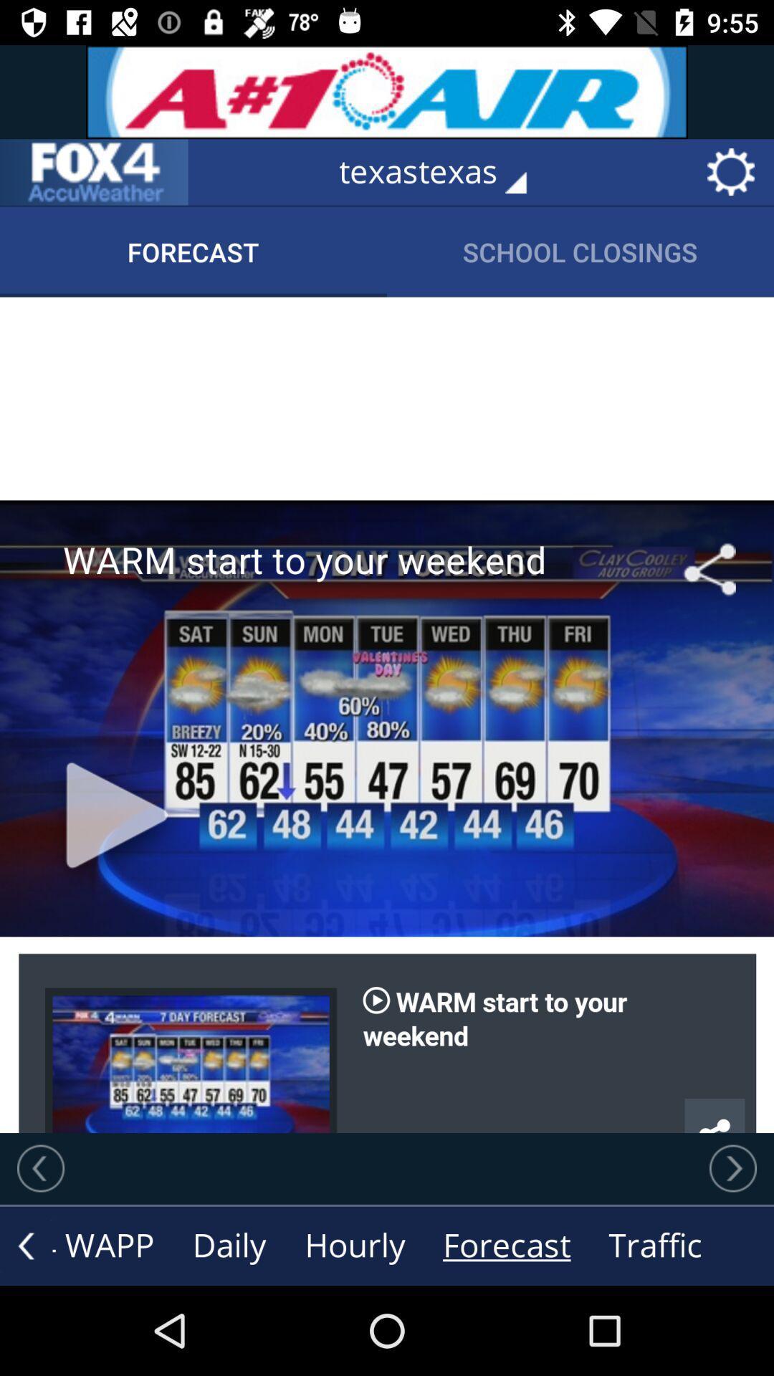 The image size is (774, 1376). I want to click on back button, so click(26, 1245).